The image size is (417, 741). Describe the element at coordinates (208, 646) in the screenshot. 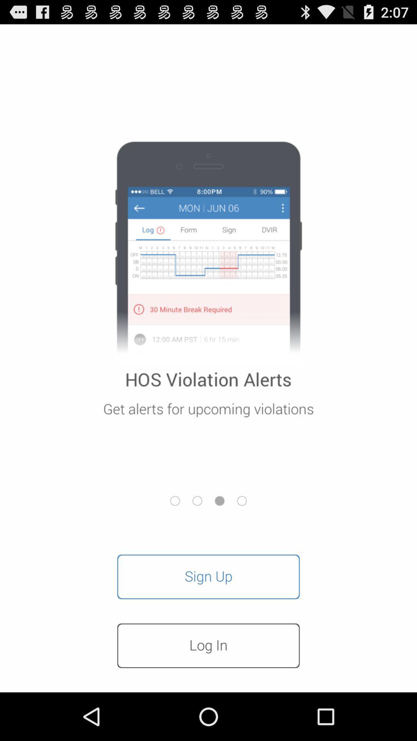

I see `item below sign up item` at that location.